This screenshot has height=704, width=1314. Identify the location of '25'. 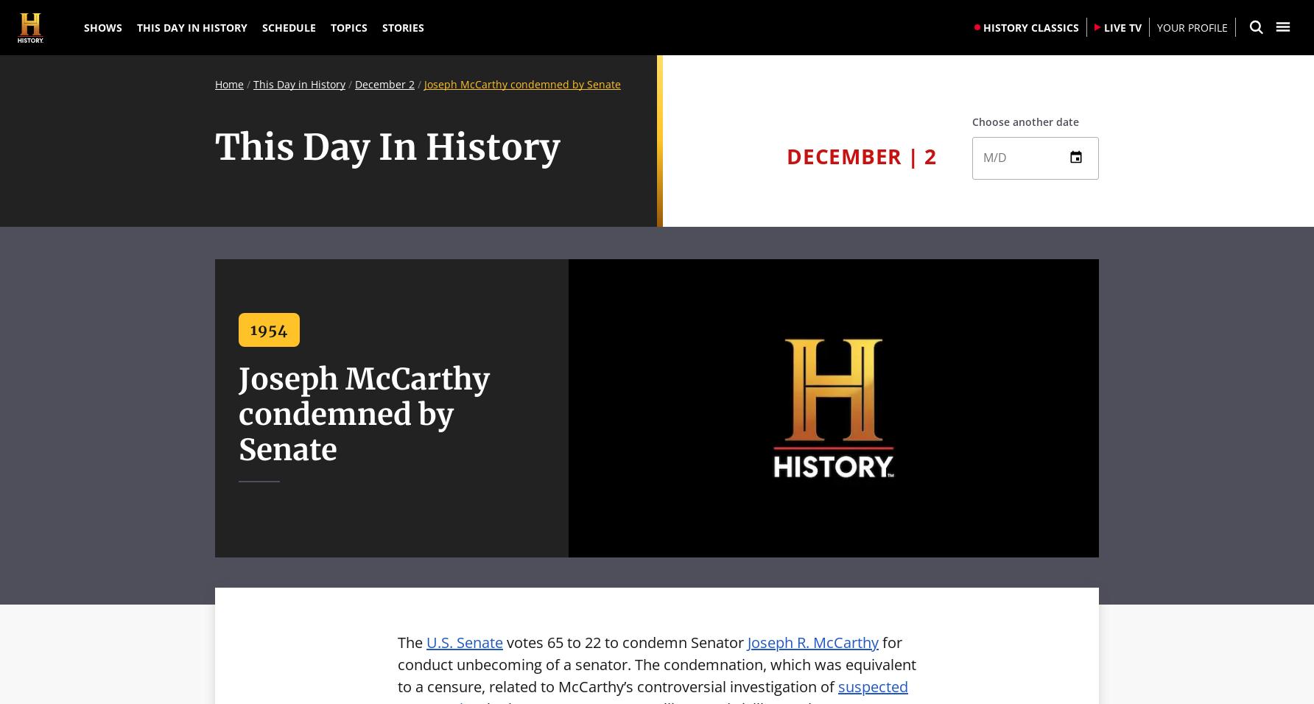
(994, 305).